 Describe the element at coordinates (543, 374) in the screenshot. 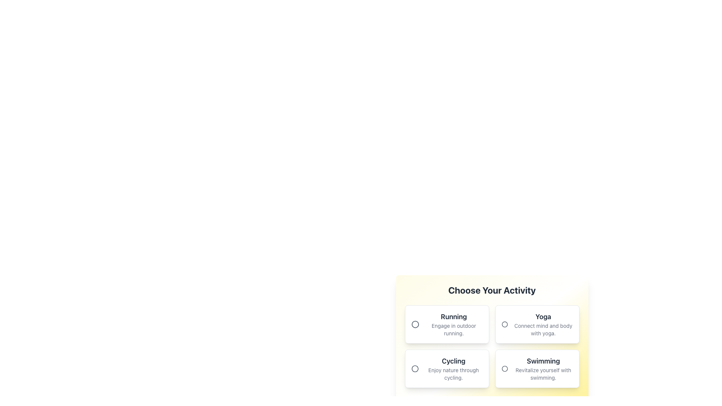

I see `the static text providing additional information about the swimming activity, located below the title 'Swimming' in the bottom-right card of the grid layout` at that location.